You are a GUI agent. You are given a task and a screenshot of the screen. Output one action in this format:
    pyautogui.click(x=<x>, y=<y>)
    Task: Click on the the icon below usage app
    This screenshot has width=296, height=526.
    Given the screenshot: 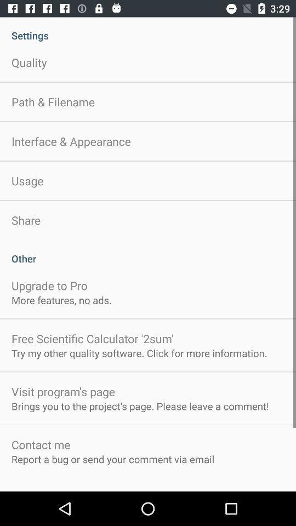 What is the action you would take?
    pyautogui.click(x=26, y=220)
    